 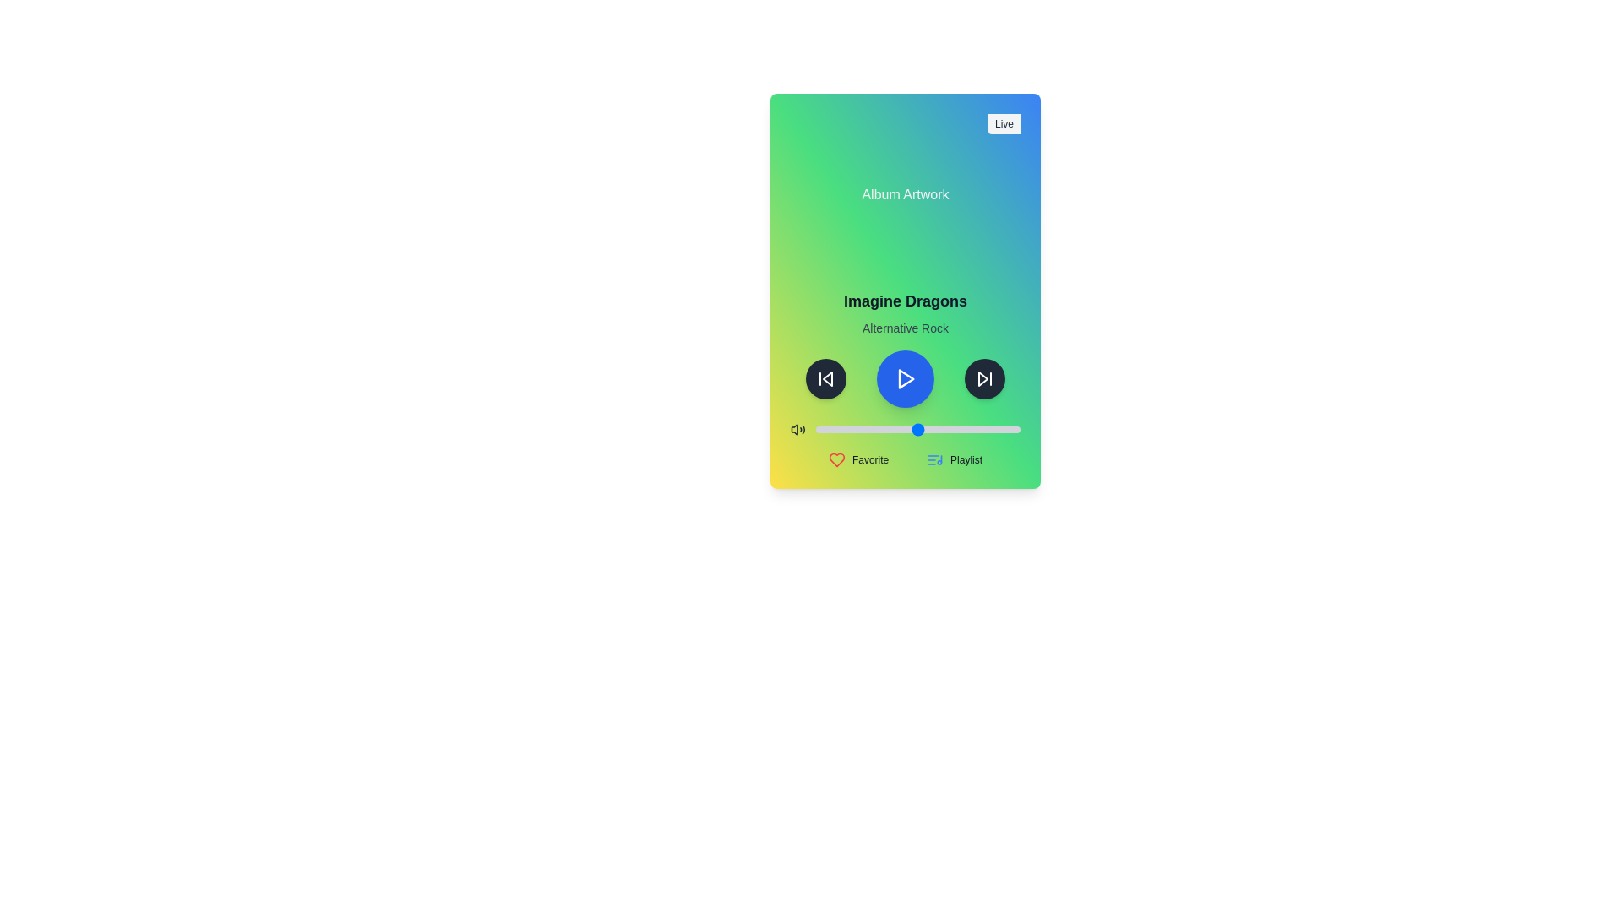 I want to click on the text label displaying 'Alternative Rock', which is styled in gray on a green background, located below 'Imagine Dragons' in the music player context, so click(x=904, y=328).